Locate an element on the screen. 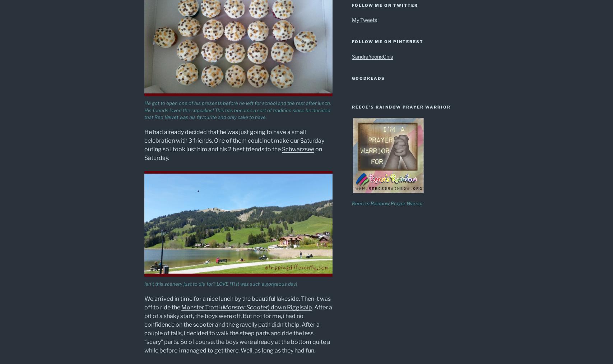  'Reece's Rainbow Prayer Warrior' is located at coordinates (351, 203).